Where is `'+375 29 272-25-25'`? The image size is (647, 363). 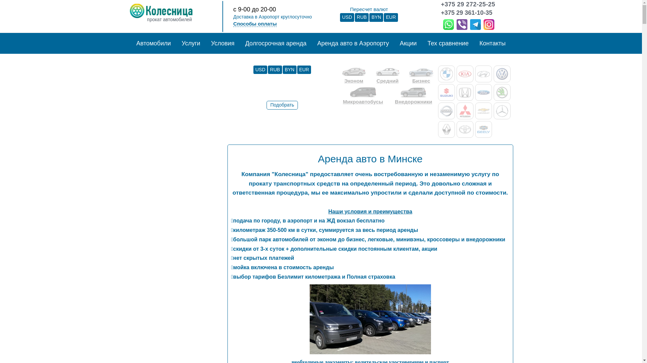 '+375 29 272-25-25' is located at coordinates (467, 4).